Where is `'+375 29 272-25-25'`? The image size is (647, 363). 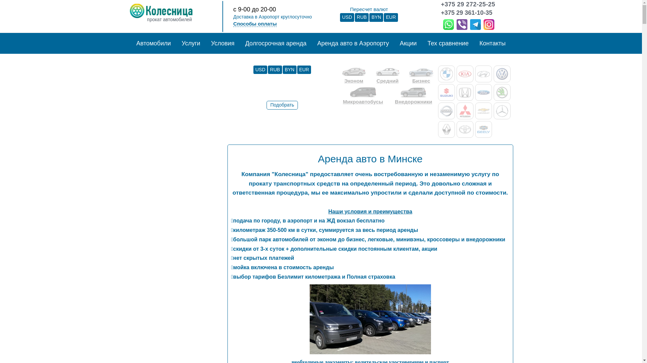 '+375 29 272-25-25' is located at coordinates (467, 4).